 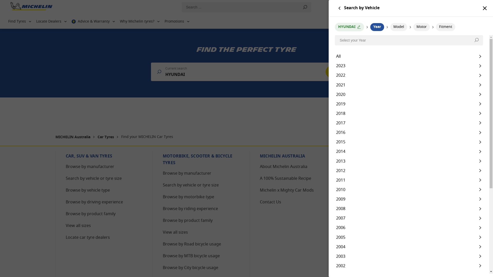 What do you see at coordinates (93, 179) in the screenshot?
I see `'Search by vehicle or tyre size'` at bounding box center [93, 179].